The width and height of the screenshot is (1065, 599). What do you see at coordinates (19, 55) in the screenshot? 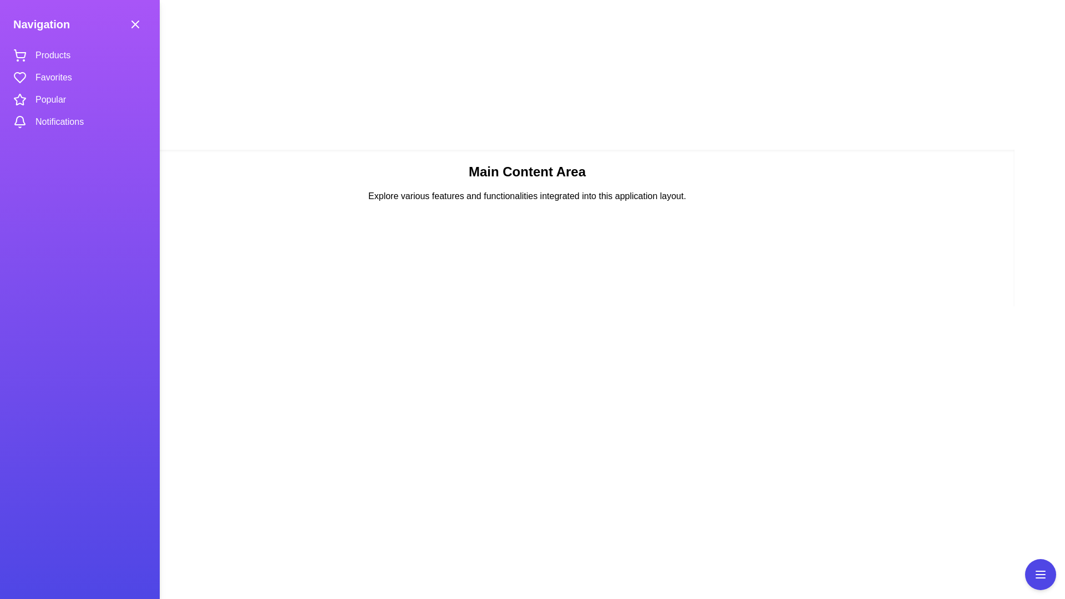
I see `the icon representing the Products section in the navigation` at bounding box center [19, 55].